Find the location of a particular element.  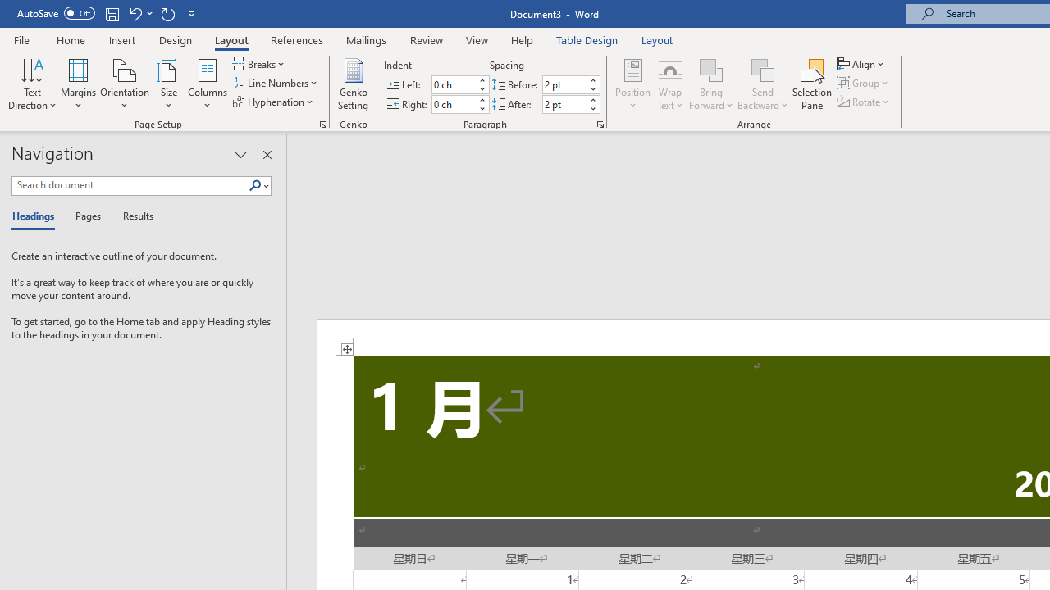

'Spacing After' is located at coordinates (564, 104).